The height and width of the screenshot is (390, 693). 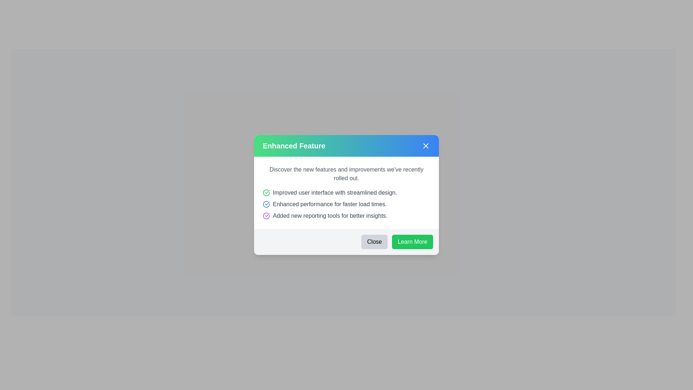 What do you see at coordinates (266, 215) in the screenshot?
I see `the circular icon with a purple border and a checkmark symbol, which indicates a completed item, located on the left side of the line item titled 'Added new reporting tools for better insights.'` at bounding box center [266, 215].